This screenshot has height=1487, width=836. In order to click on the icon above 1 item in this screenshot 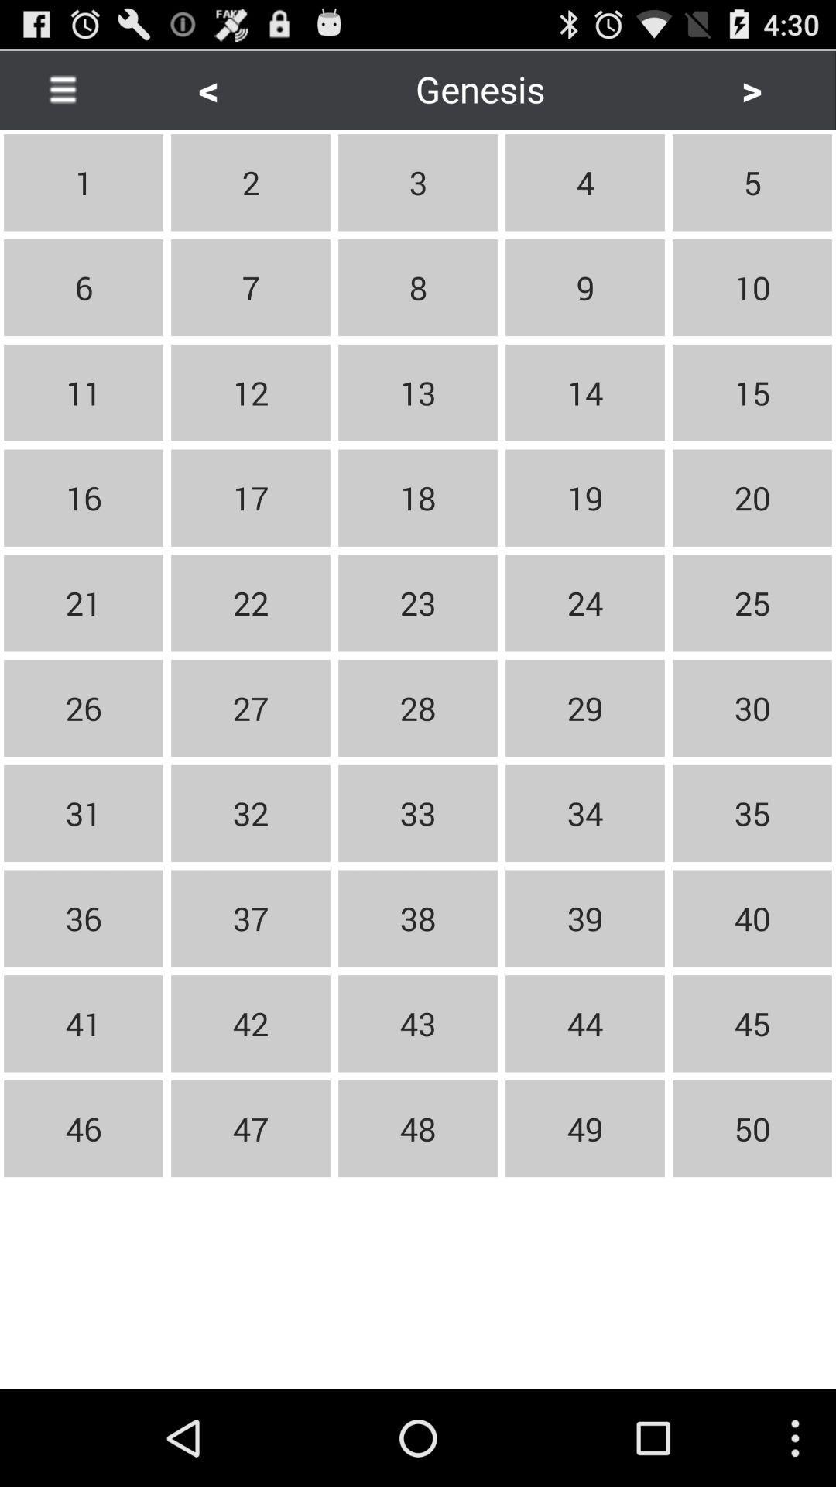, I will do `click(62, 88)`.